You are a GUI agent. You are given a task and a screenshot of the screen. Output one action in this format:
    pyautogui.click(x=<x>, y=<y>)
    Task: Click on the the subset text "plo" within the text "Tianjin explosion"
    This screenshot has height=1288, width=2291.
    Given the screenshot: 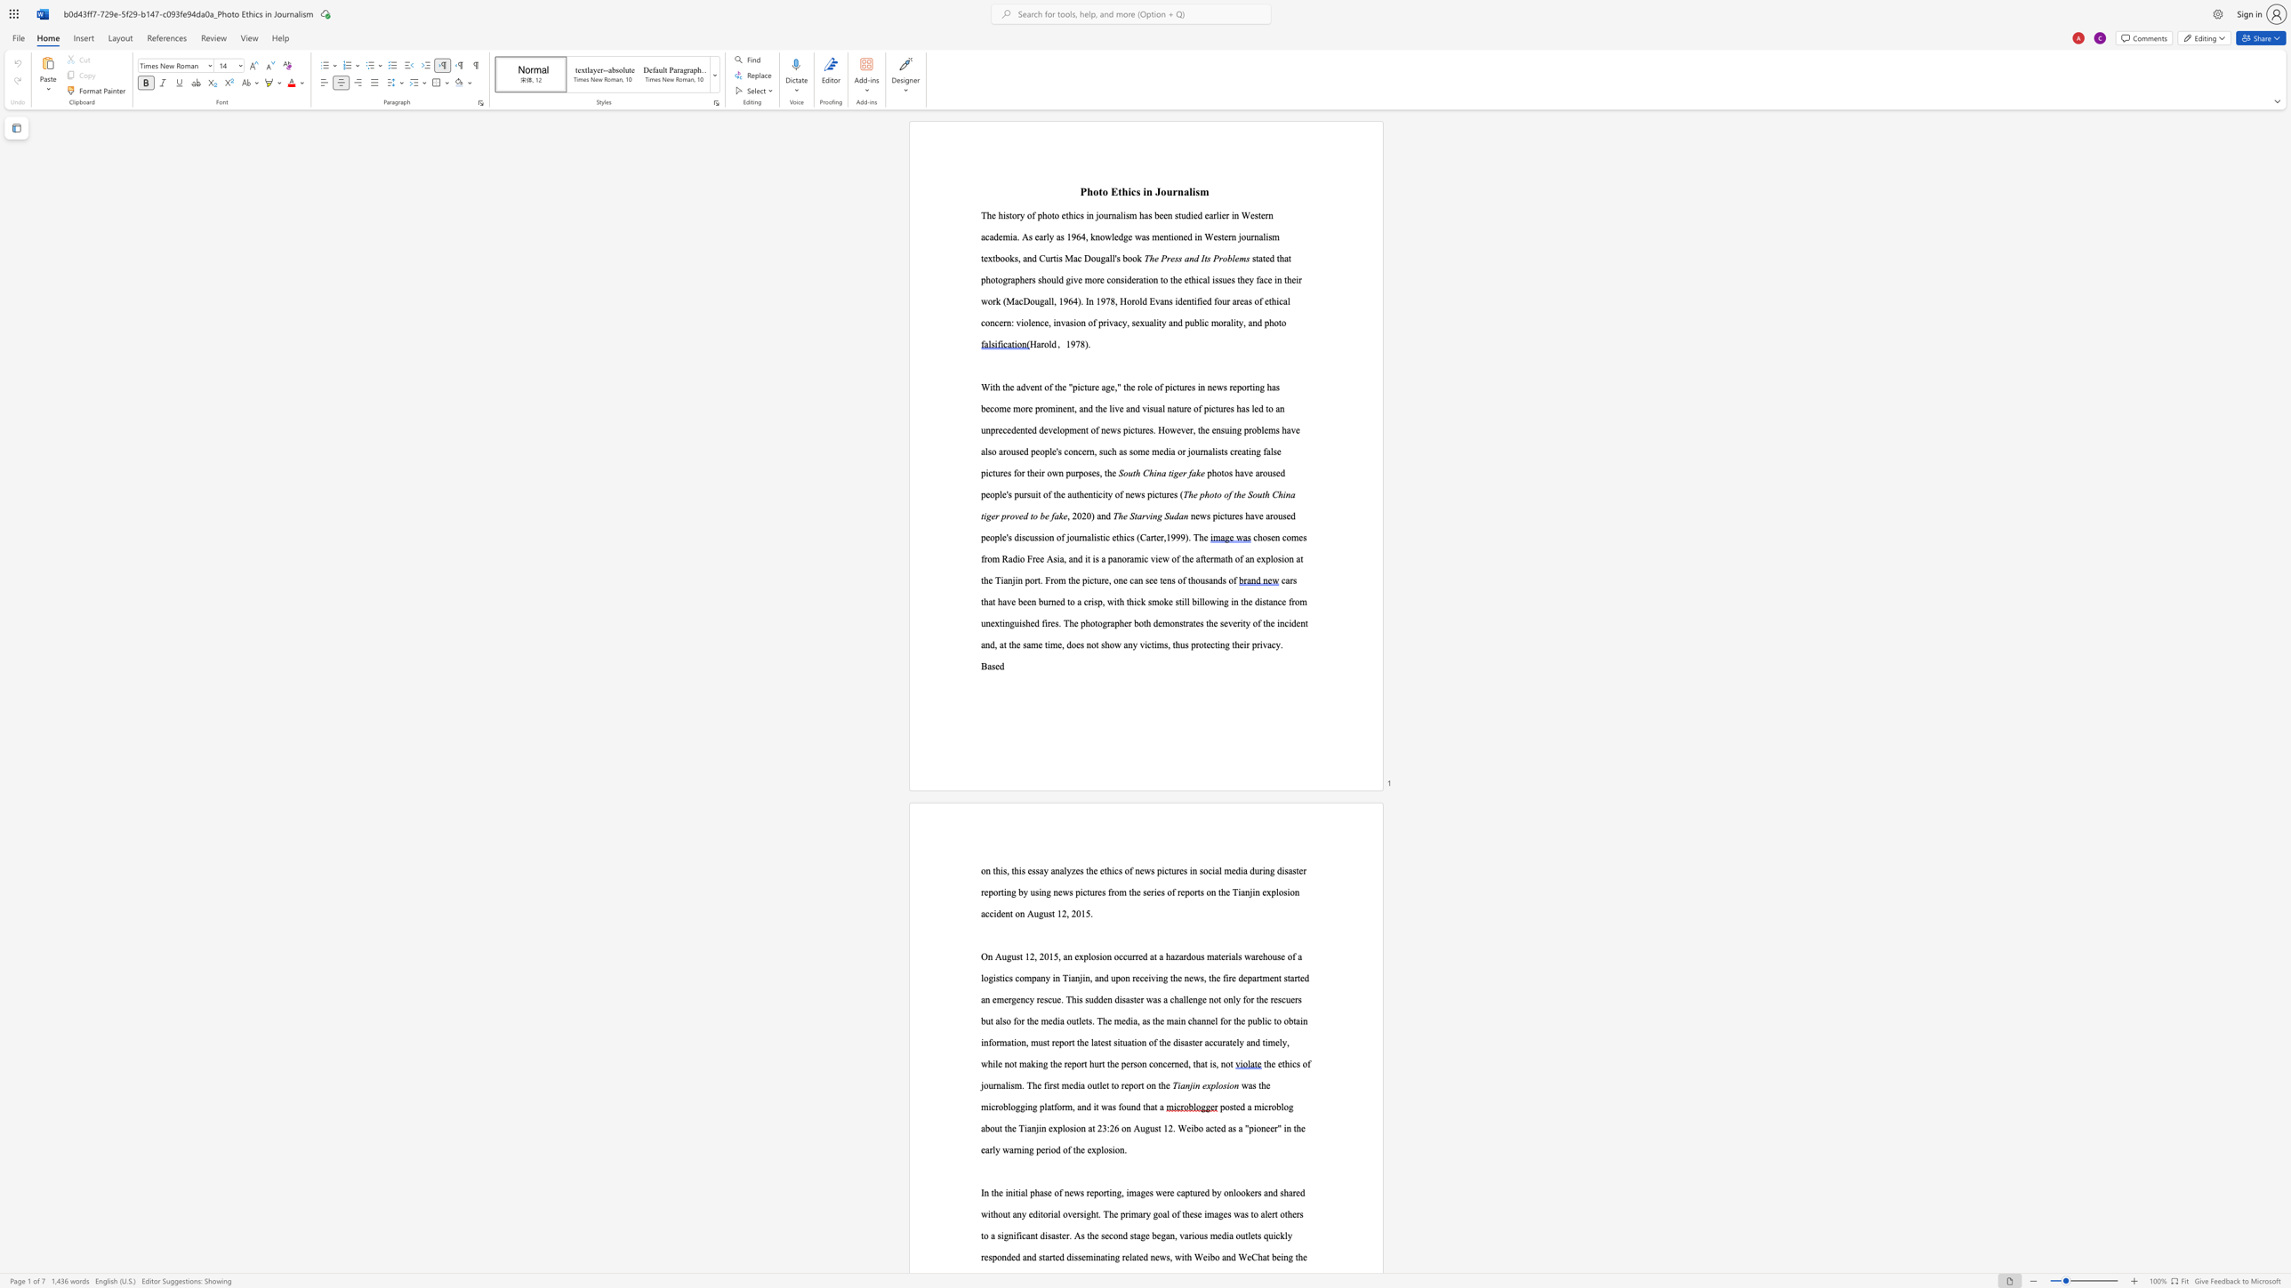 What is the action you would take?
    pyautogui.click(x=1210, y=1084)
    